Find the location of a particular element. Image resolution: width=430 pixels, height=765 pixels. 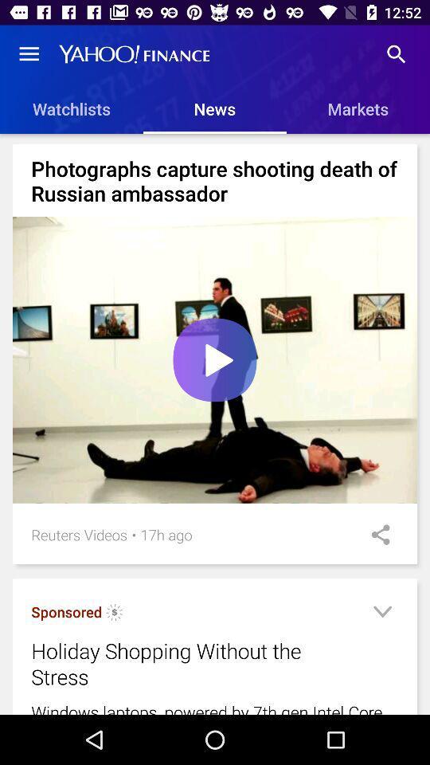

the sponsored is located at coordinates (65, 611).